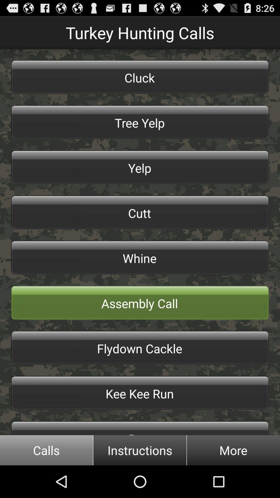 This screenshot has height=498, width=280. What do you see at coordinates (140, 302) in the screenshot?
I see `assembly call item` at bounding box center [140, 302].